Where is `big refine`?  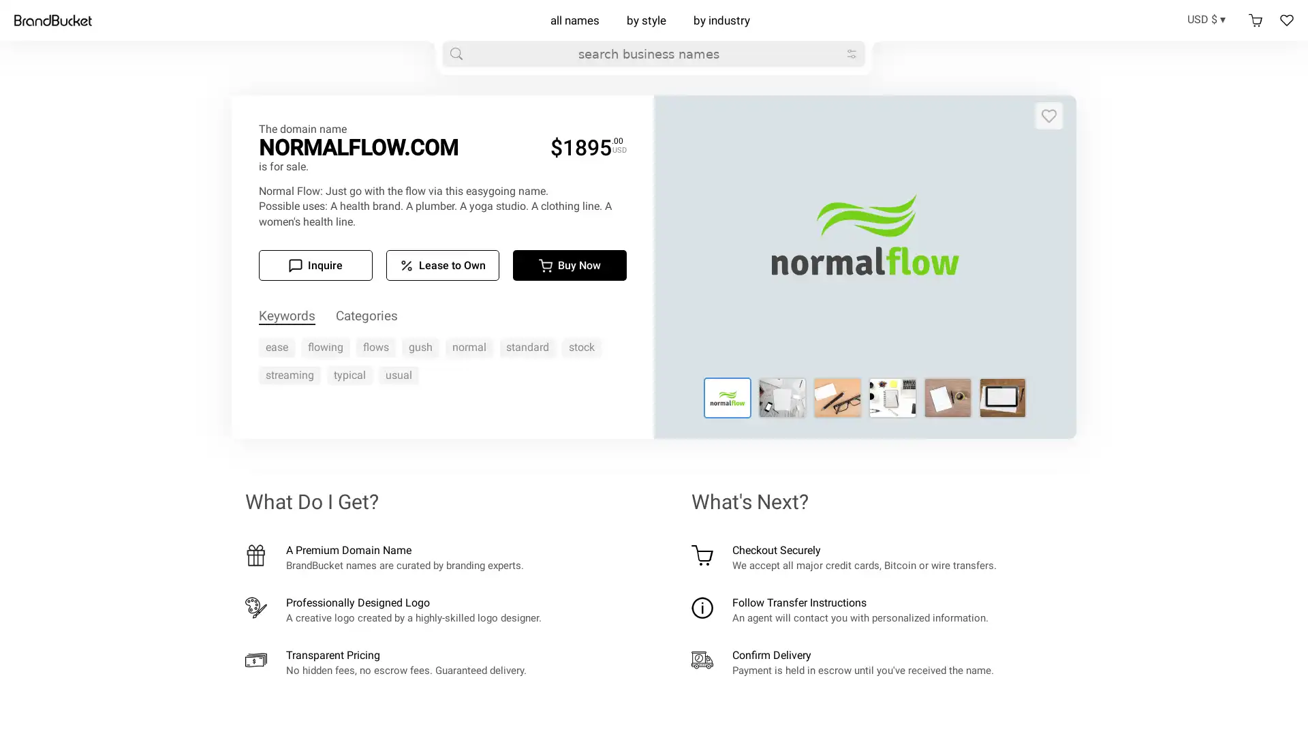
big refine is located at coordinates (850, 52).